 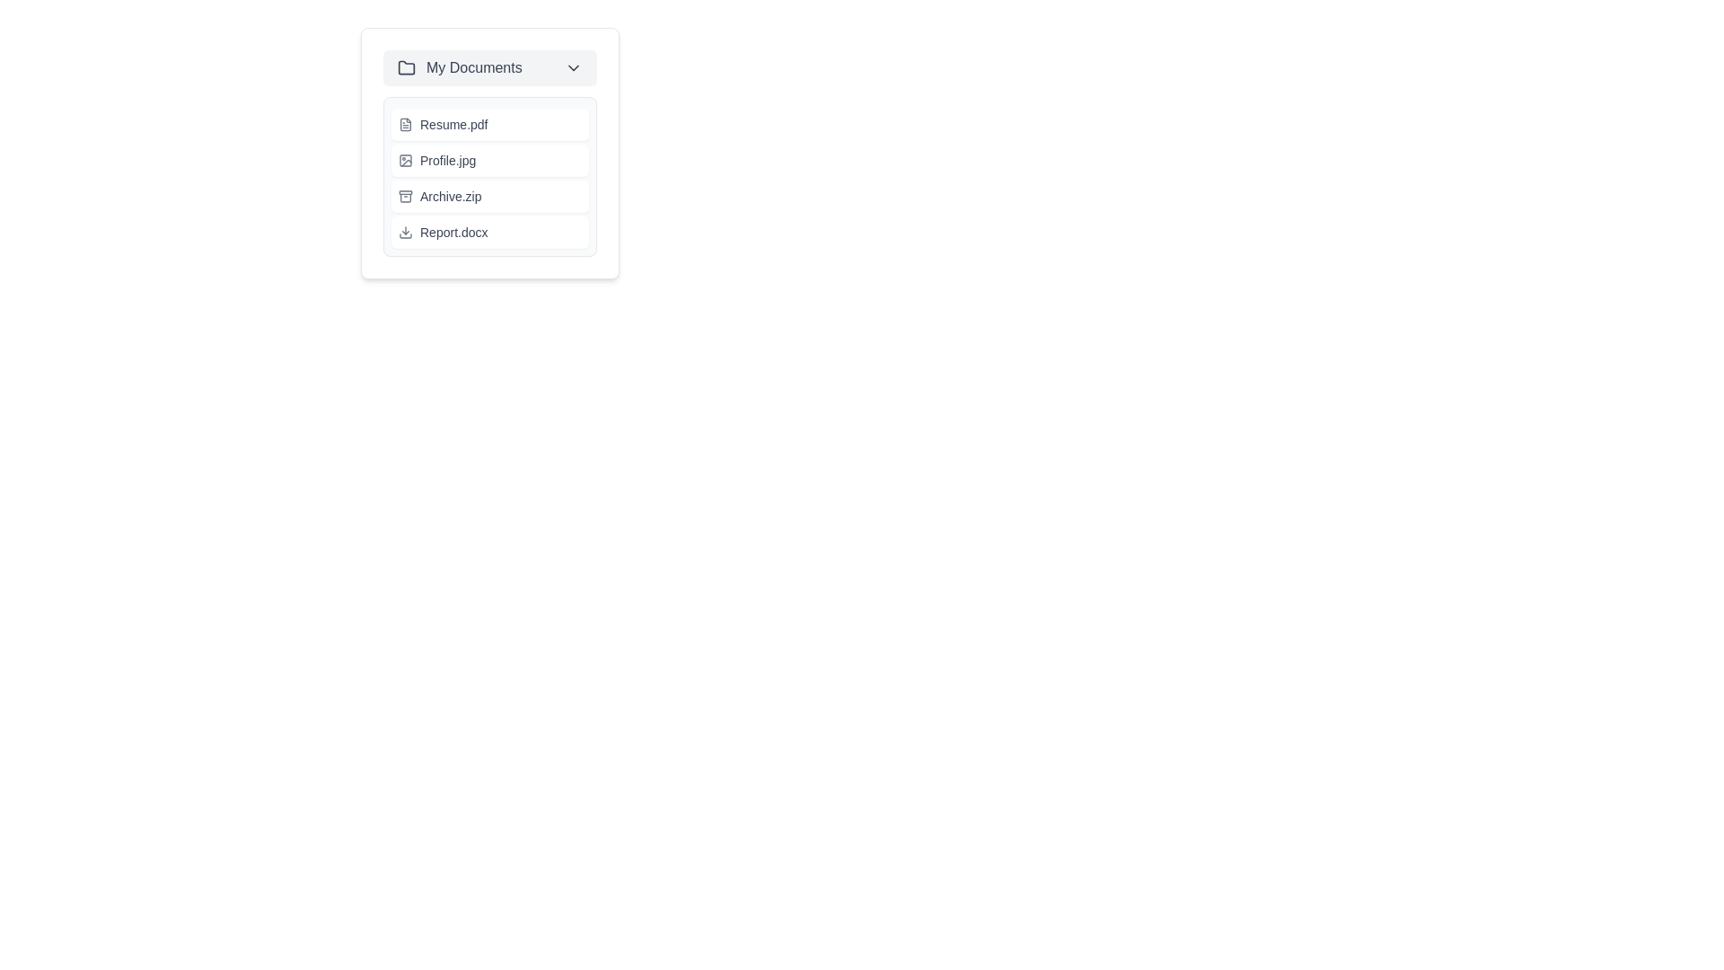 What do you see at coordinates (404, 231) in the screenshot?
I see `the small gray download icon associated with the 'Report.docx' entry` at bounding box center [404, 231].